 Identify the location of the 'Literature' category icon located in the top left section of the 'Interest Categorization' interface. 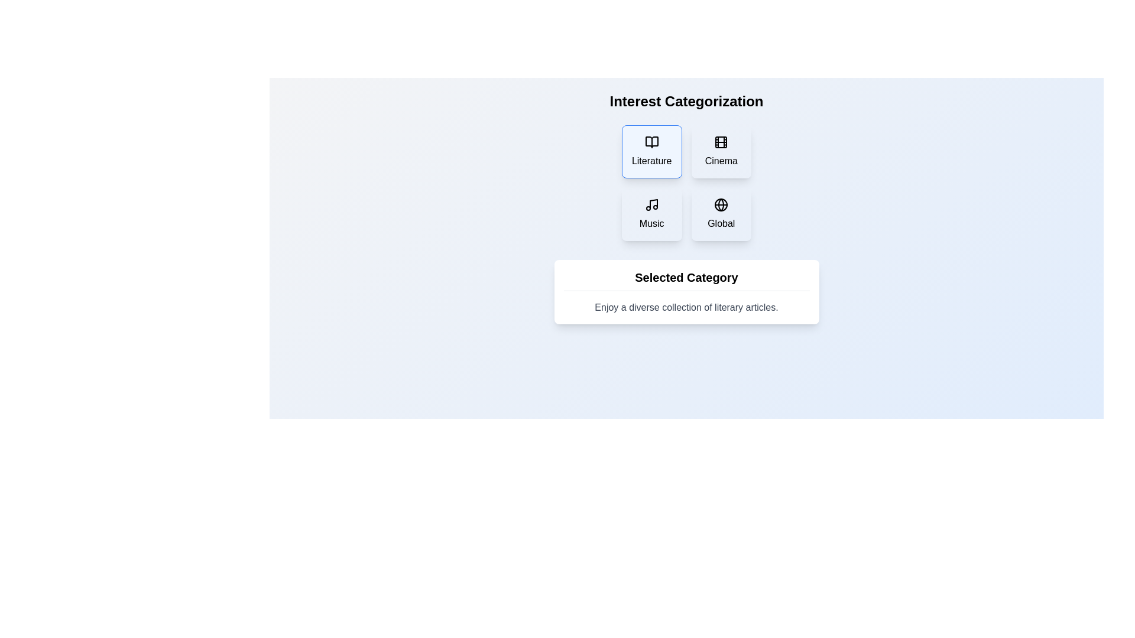
(651, 141).